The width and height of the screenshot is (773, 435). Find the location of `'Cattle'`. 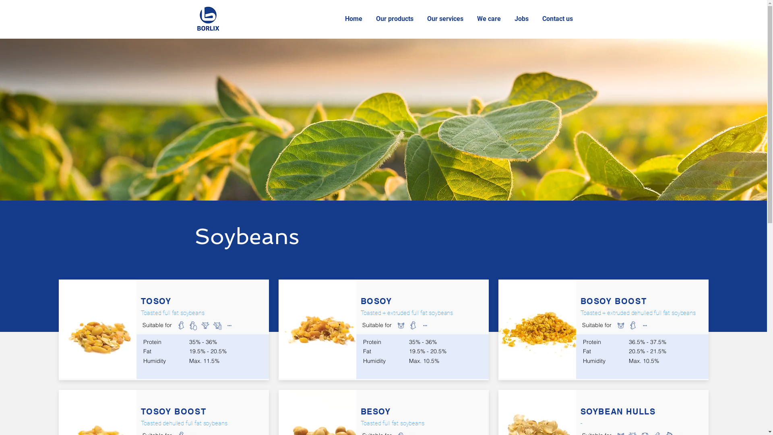

'Cattle' is located at coordinates (638, 324).